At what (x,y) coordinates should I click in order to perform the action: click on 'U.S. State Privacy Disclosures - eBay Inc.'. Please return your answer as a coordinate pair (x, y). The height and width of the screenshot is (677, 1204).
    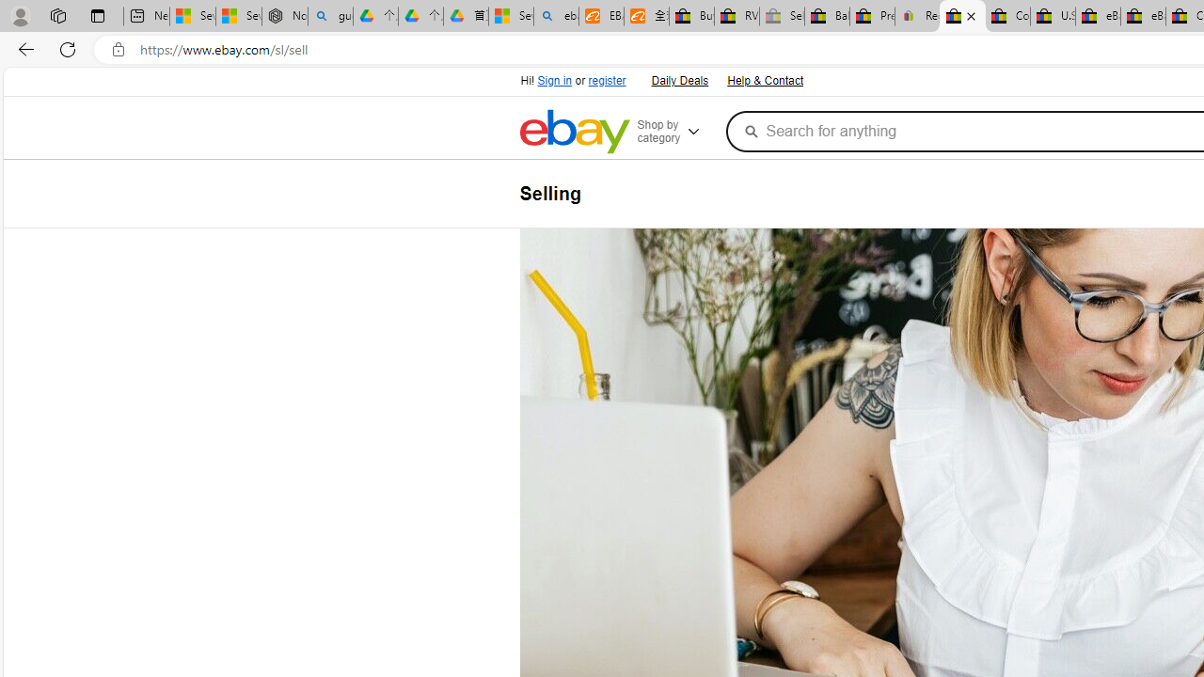
    Looking at the image, I should click on (1052, 16).